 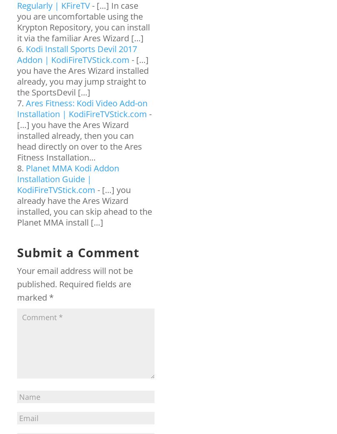 I want to click on 'Required fields are marked', so click(x=73, y=290).